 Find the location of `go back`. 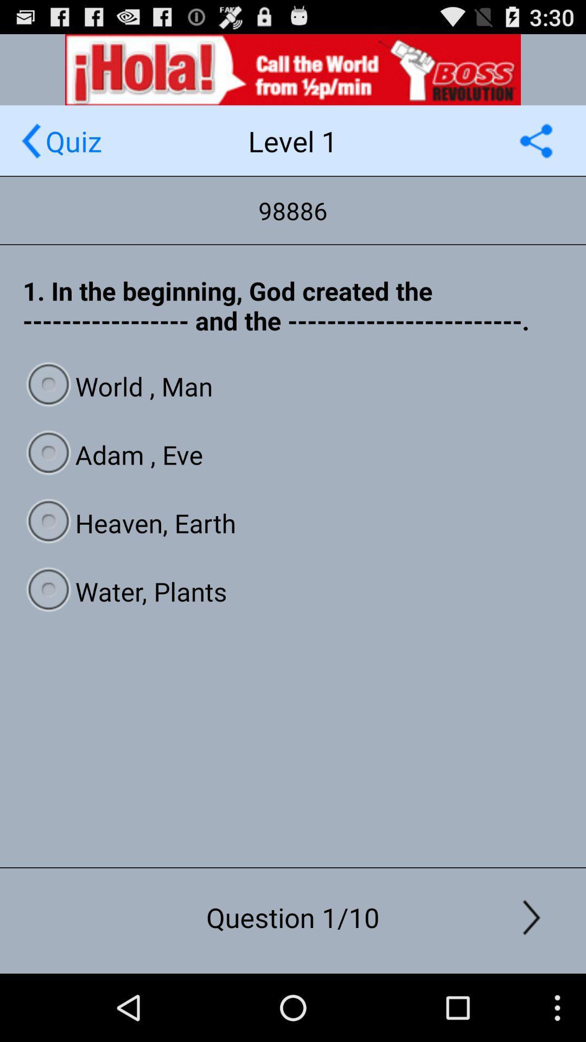

go back is located at coordinates (30, 140).